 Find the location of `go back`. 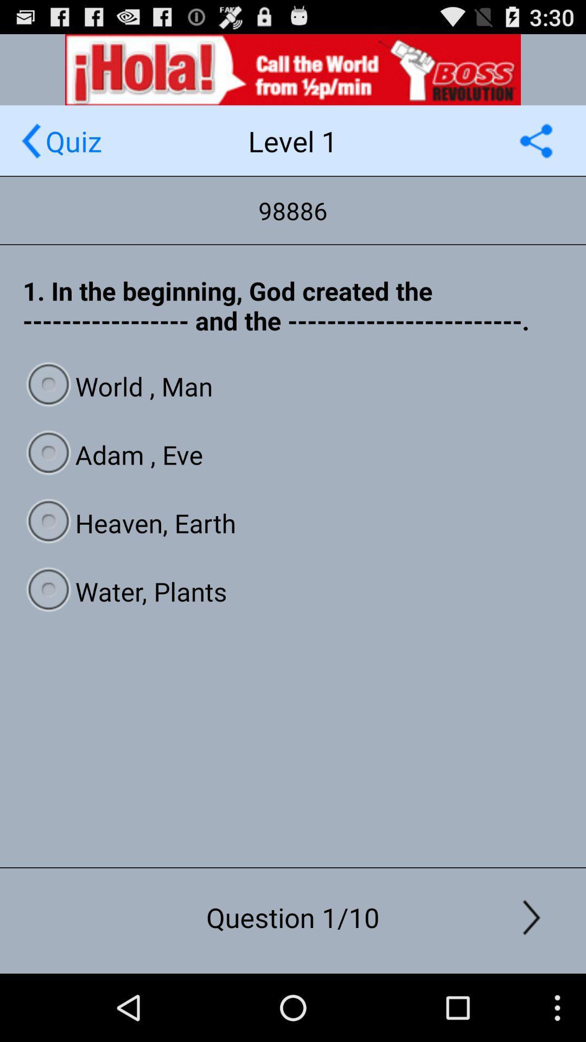

go back is located at coordinates (30, 140).